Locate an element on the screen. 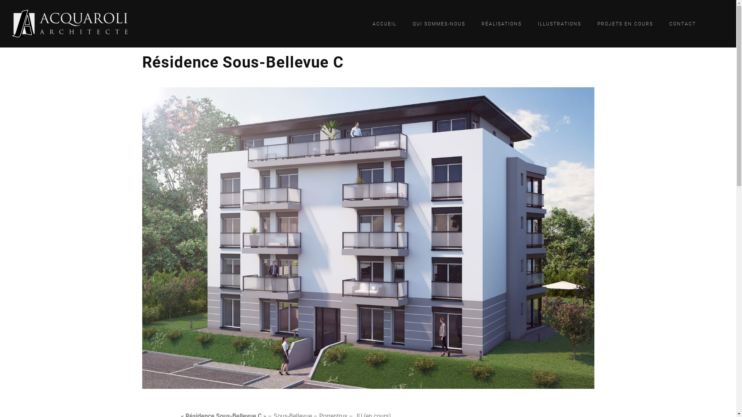  'ACCUEIL' is located at coordinates (384, 23).